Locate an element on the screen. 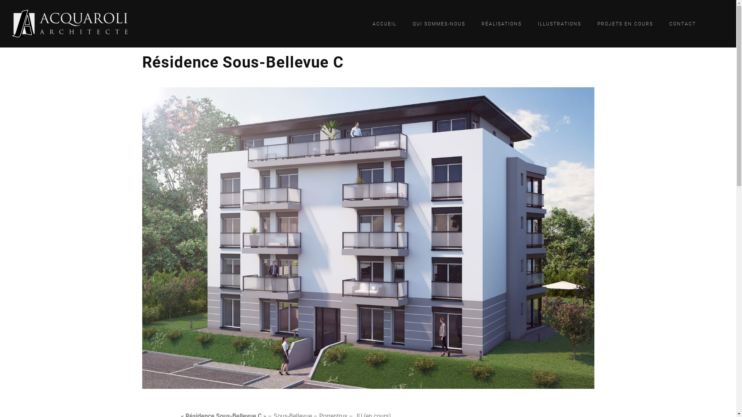  'ACCUEIL' is located at coordinates (384, 23).